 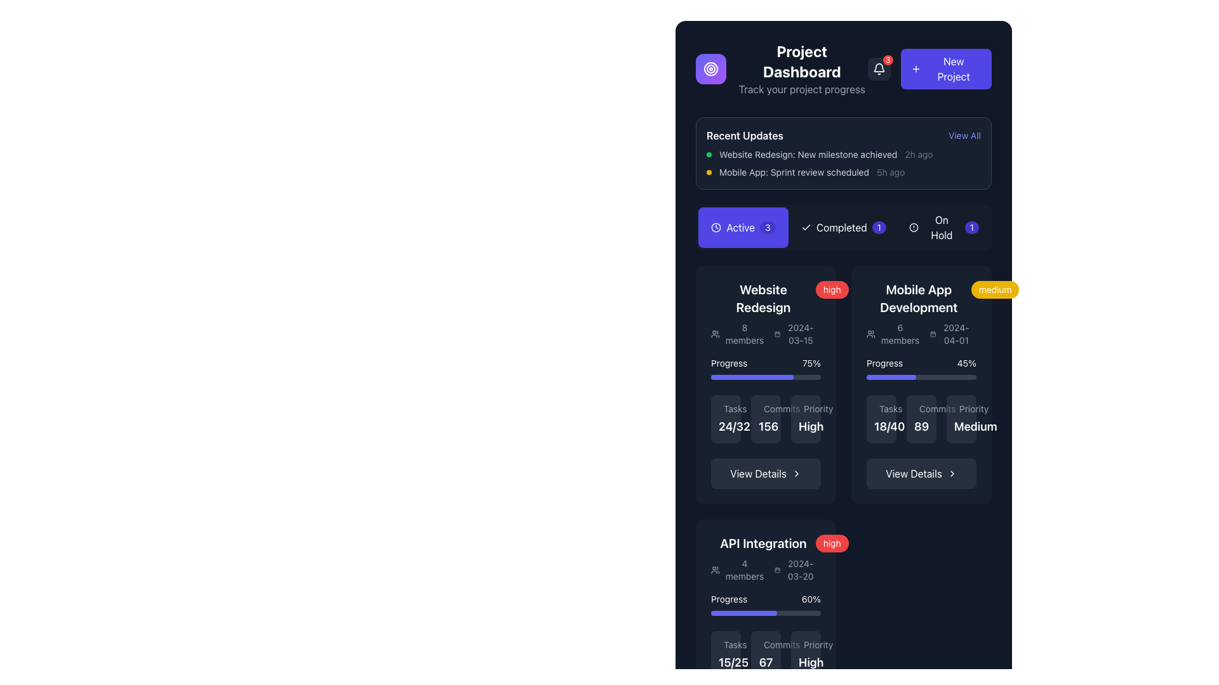 I want to click on the 'View Details' button located on the 'Website Redesign' card in the 'Recent Updates' section, so click(x=765, y=384).